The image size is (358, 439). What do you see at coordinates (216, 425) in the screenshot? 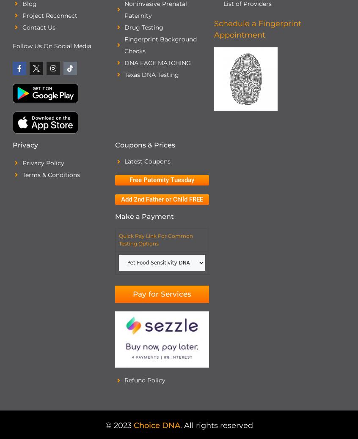
I see `'. All rights reserved'` at bounding box center [216, 425].